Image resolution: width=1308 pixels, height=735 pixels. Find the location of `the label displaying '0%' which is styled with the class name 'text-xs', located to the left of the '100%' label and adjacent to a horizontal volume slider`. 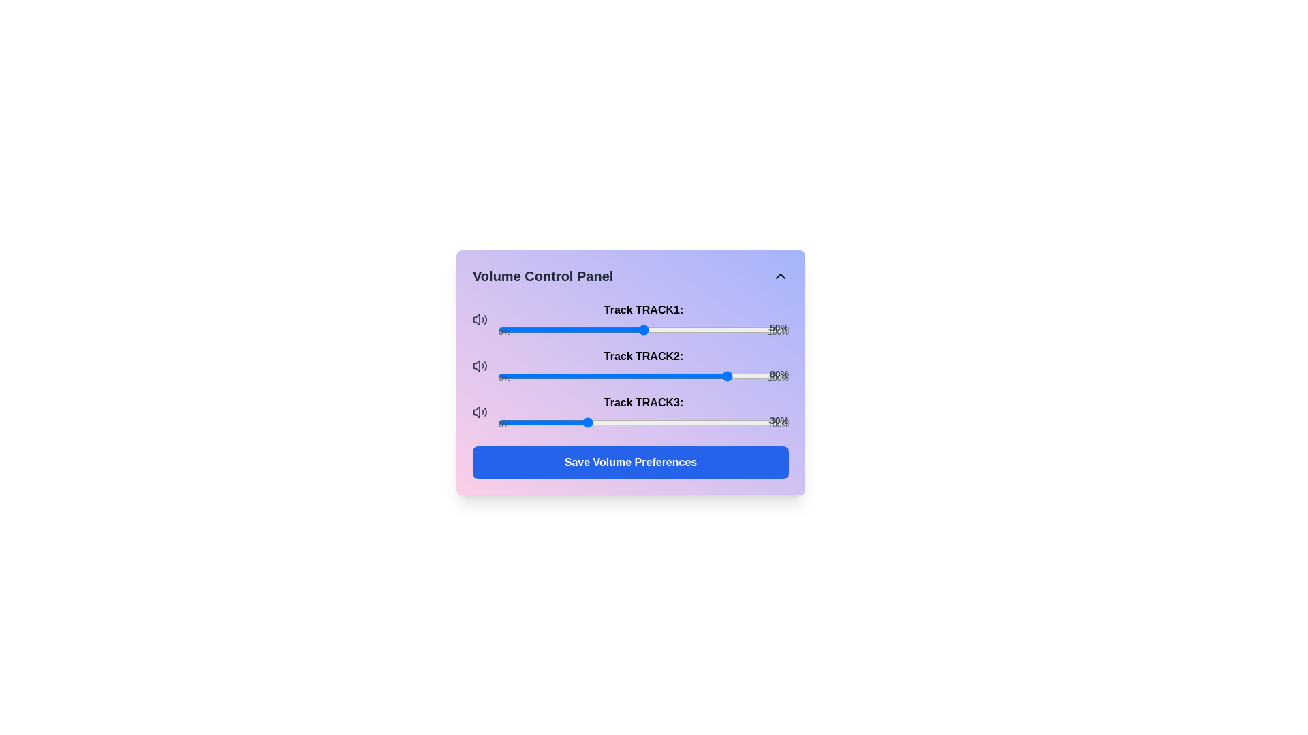

the label displaying '0%' which is styled with the class name 'text-xs', located to the left of the '100%' label and adjacent to a horizontal volume slider is located at coordinates (503, 332).